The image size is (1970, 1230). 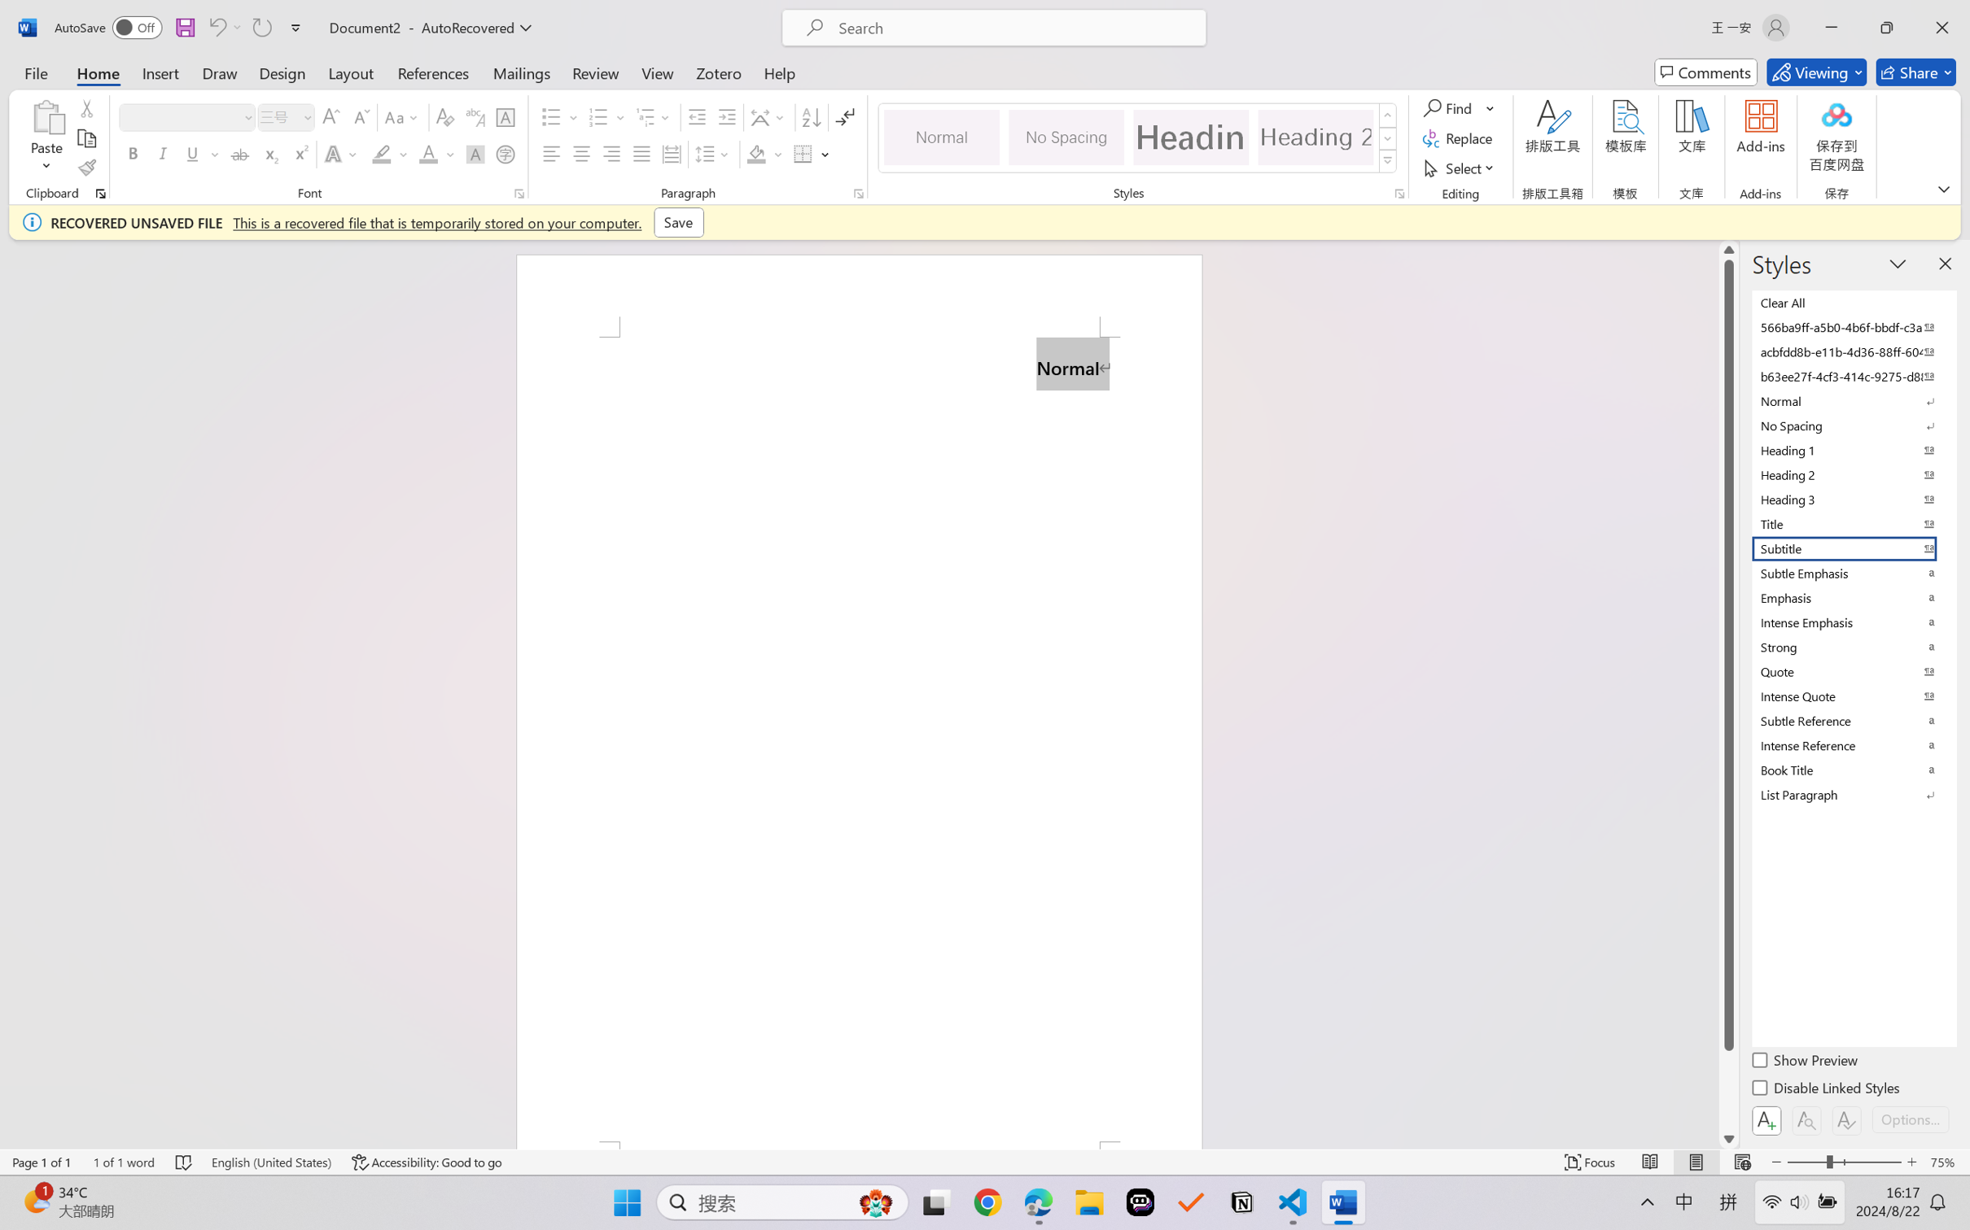 I want to click on 'No Spacing', so click(x=1852, y=425).